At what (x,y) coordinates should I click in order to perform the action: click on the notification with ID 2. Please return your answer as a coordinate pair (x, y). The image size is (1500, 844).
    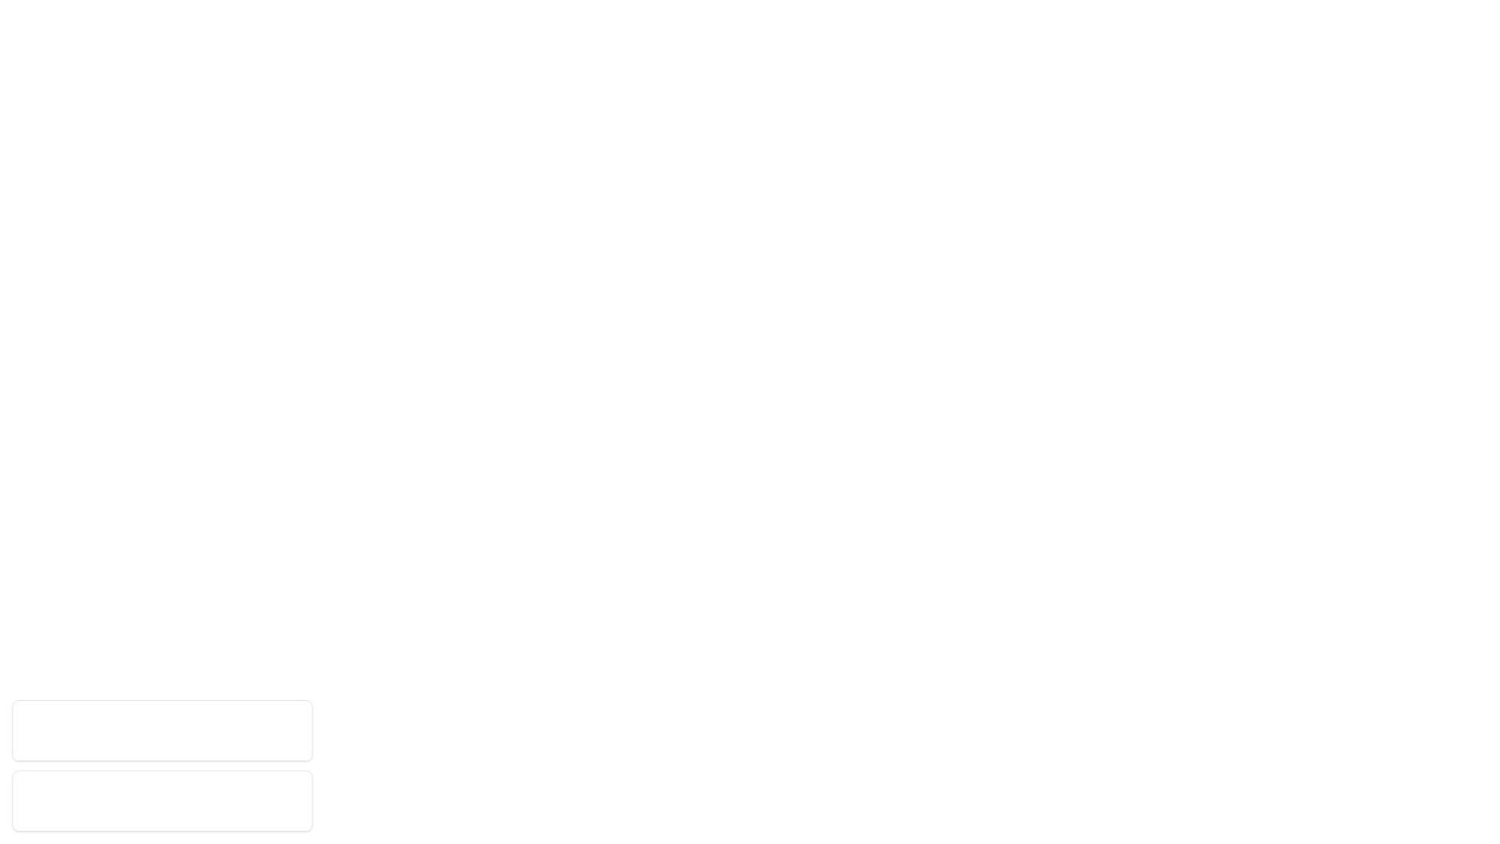
    Looking at the image, I should click on (162, 801).